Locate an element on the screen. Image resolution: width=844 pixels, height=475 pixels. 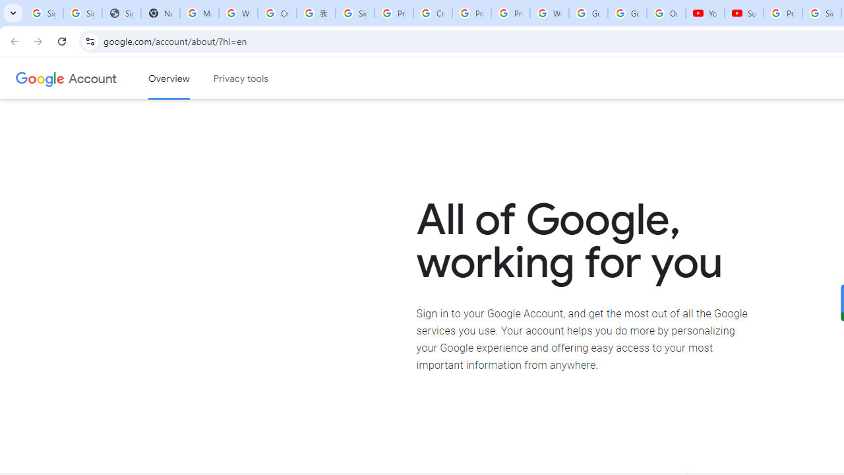
'Create your Google Account' is located at coordinates (276, 13).